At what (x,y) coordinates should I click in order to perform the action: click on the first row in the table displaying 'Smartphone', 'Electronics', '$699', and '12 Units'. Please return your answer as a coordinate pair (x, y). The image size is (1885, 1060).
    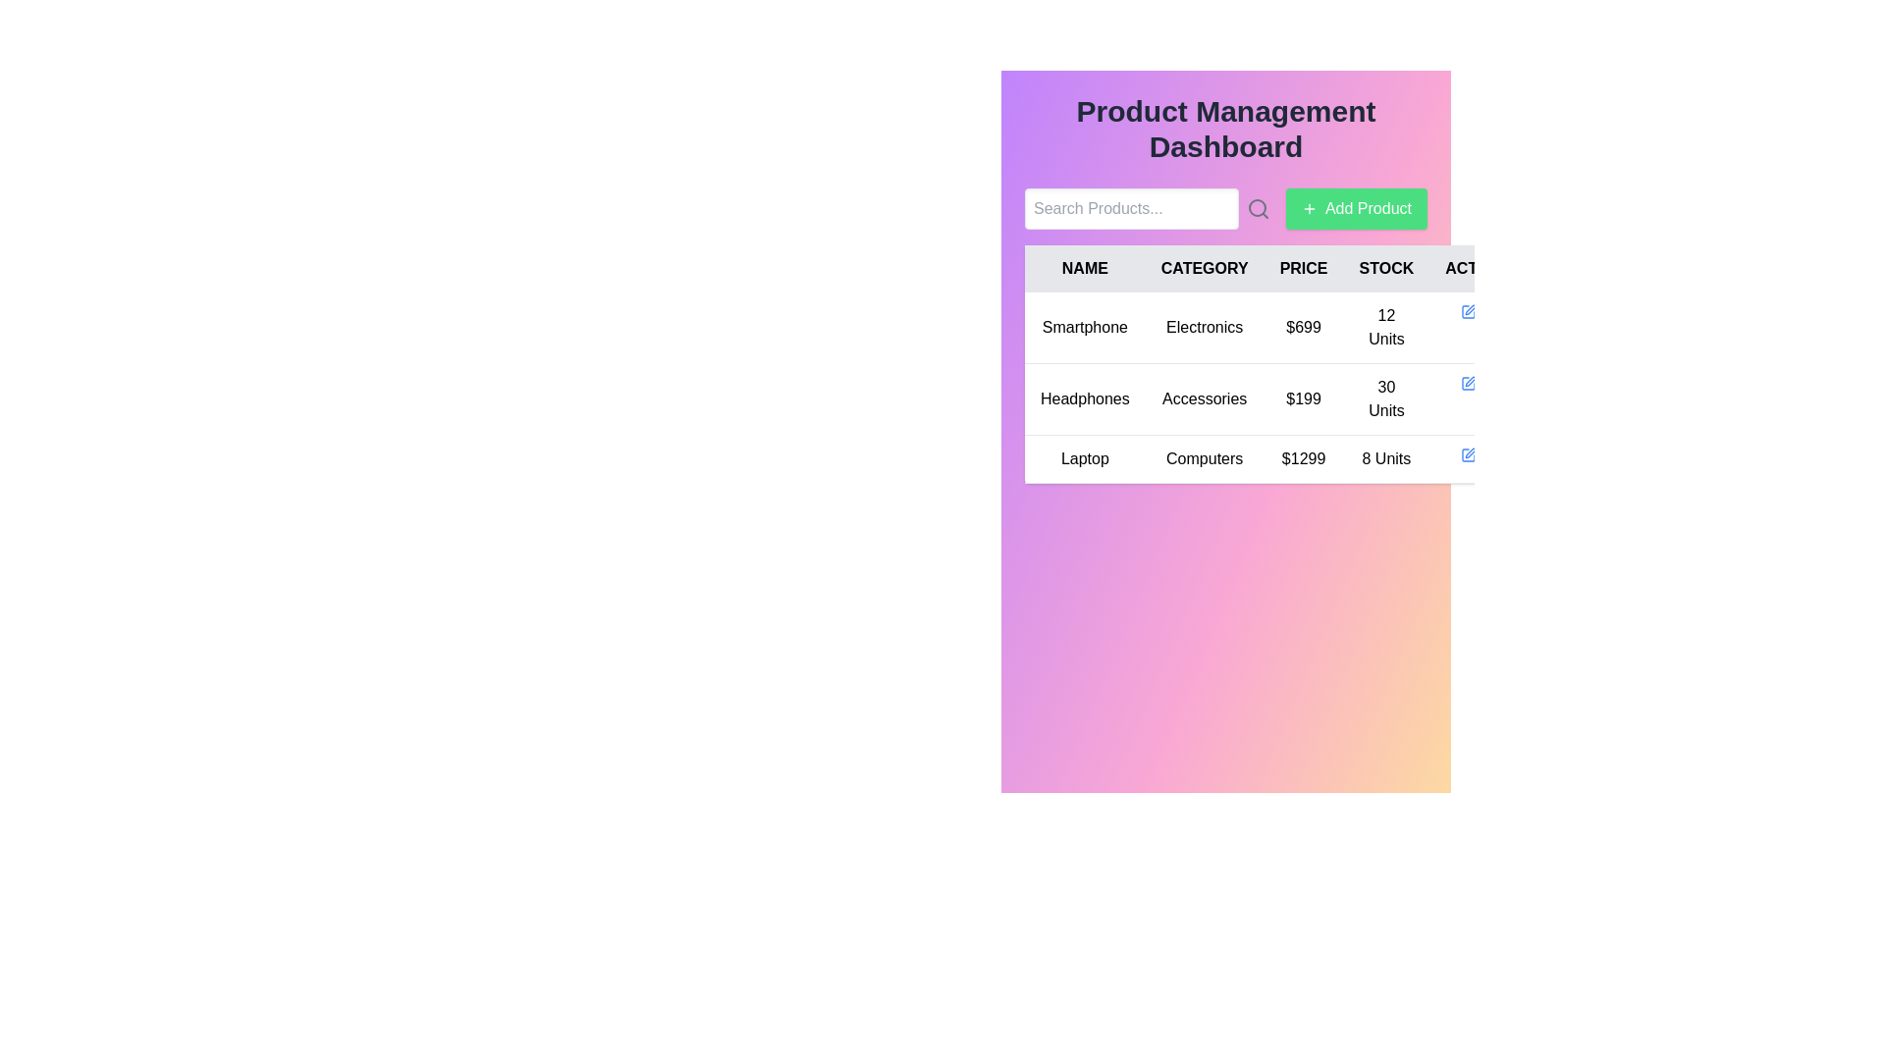
    Looking at the image, I should click on (1278, 327).